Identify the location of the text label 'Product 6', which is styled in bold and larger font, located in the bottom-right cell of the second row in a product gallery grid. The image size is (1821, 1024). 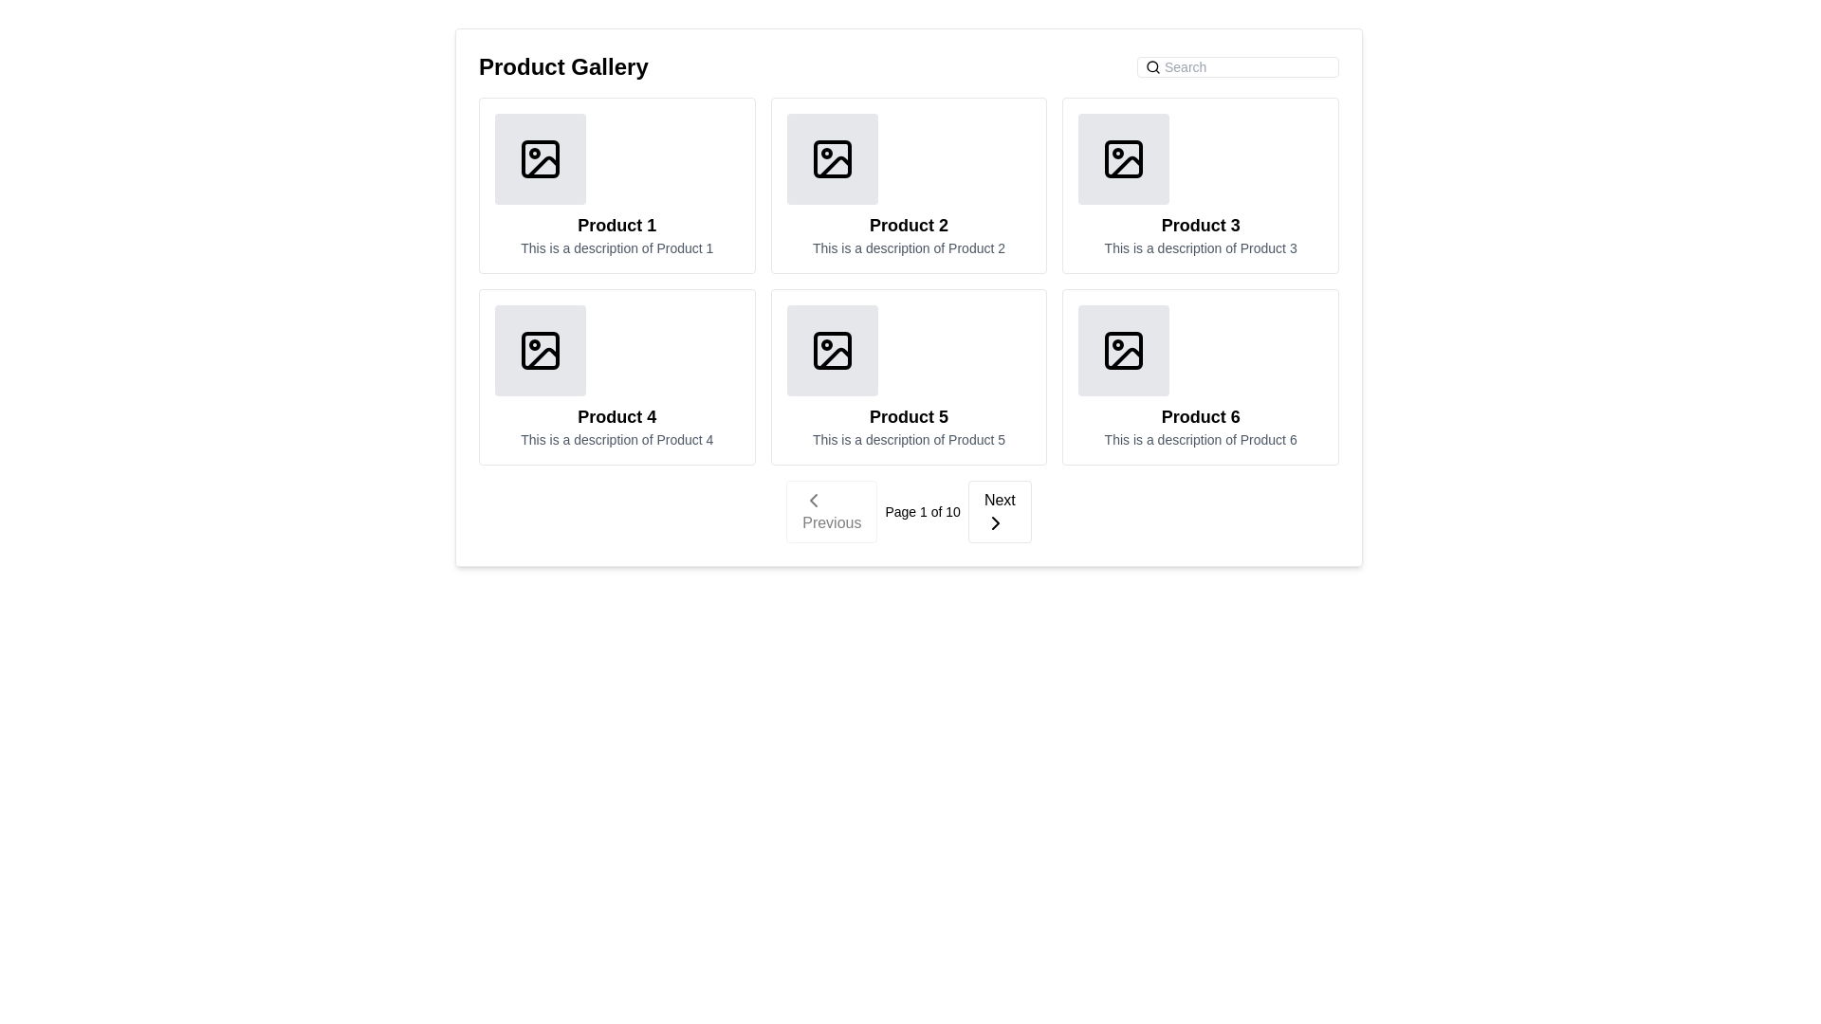
(1200, 415).